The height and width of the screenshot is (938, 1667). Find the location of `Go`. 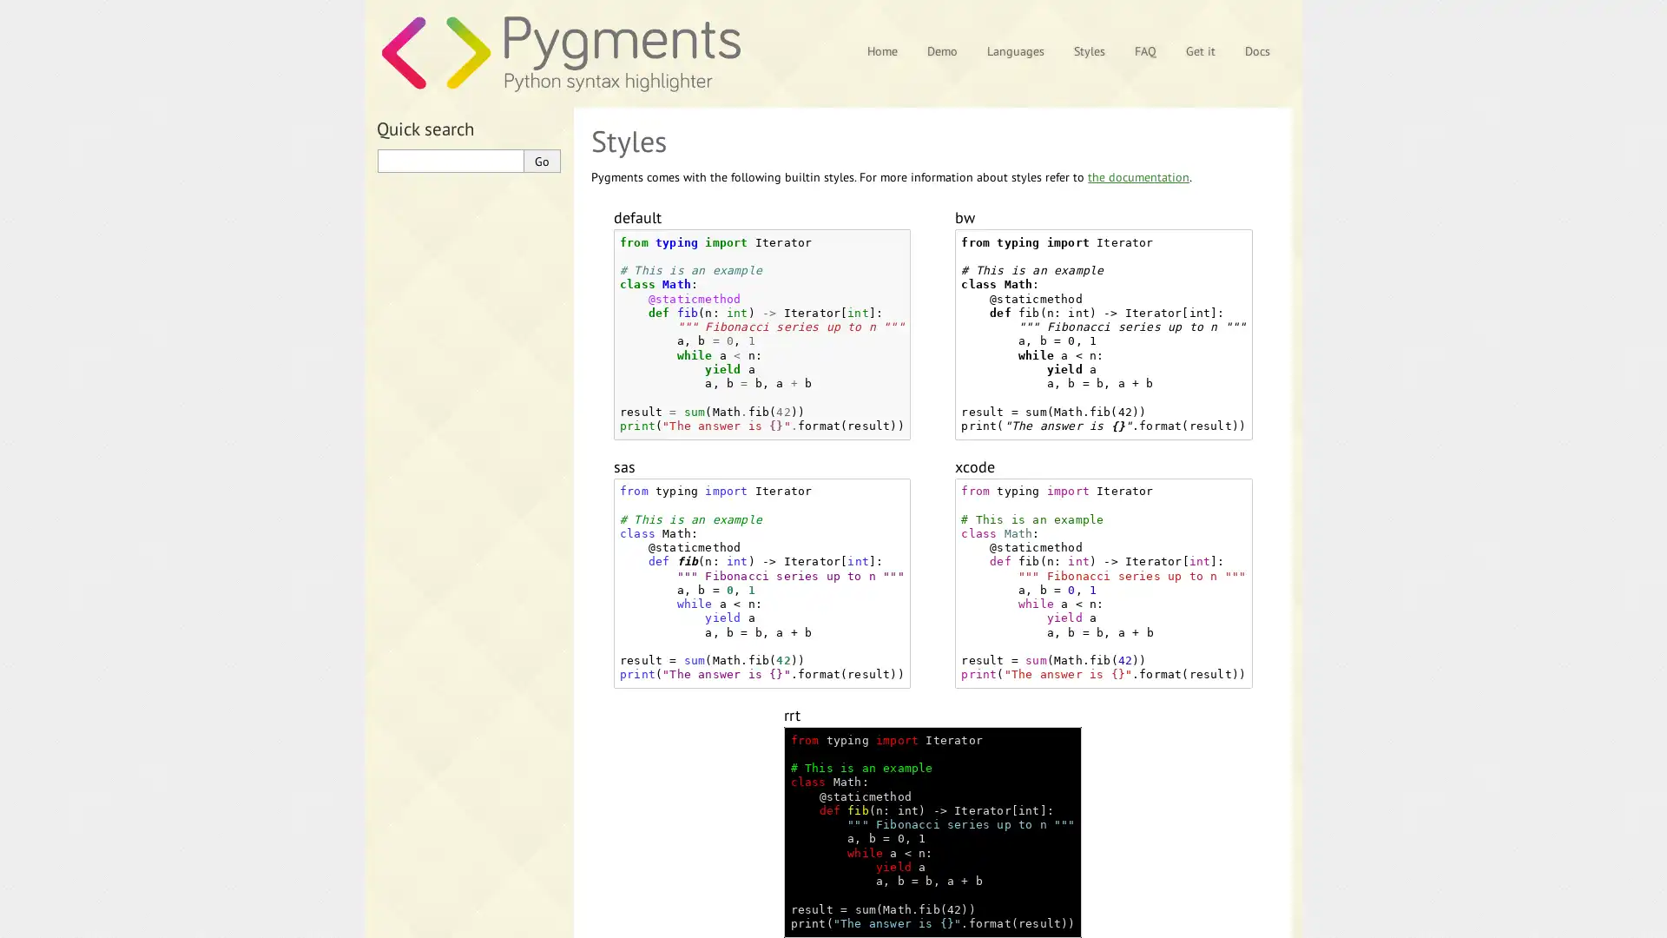

Go is located at coordinates (541, 161).